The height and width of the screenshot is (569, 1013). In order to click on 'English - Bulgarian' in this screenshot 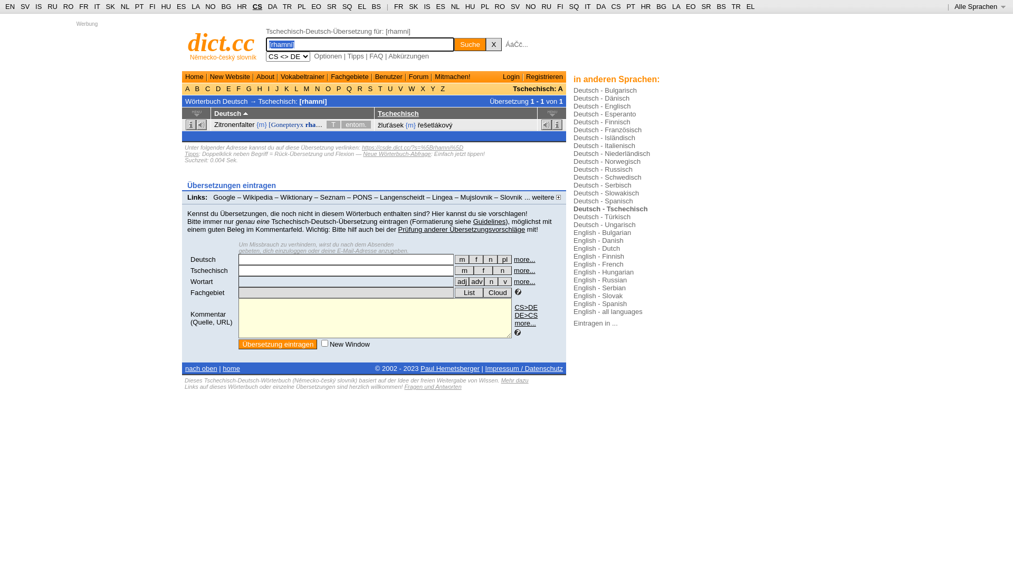, I will do `click(602, 232)`.